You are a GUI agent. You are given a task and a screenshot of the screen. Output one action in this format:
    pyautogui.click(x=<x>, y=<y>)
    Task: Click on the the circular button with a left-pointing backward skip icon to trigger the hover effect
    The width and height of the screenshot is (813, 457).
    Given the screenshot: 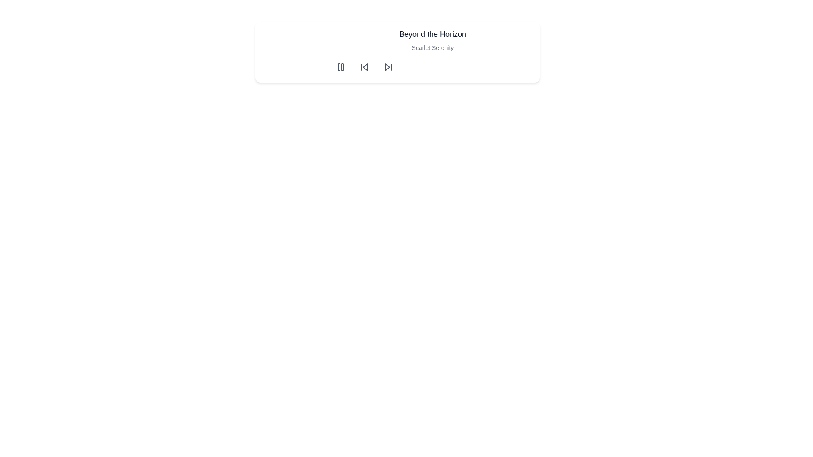 What is the action you would take?
    pyautogui.click(x=364, y=66)
    